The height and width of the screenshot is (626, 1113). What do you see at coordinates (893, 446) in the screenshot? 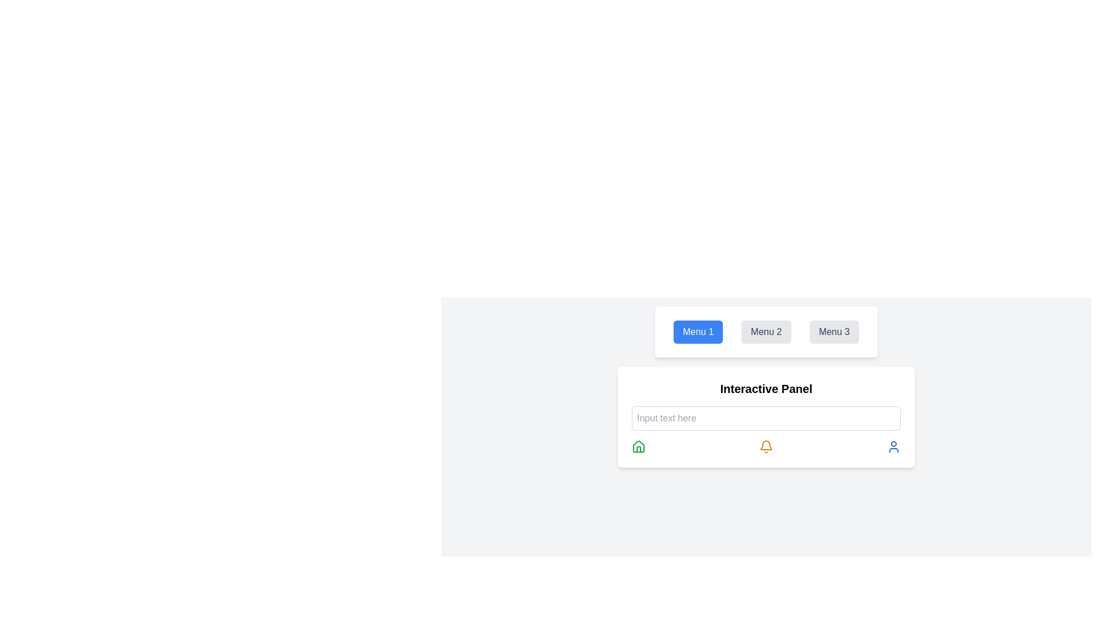
I see `the user icon, which is the last icon in a set of three horizontally aligned icons beneath the text input field in the 'Interactive Panel'` at bounding box center [893, 446].